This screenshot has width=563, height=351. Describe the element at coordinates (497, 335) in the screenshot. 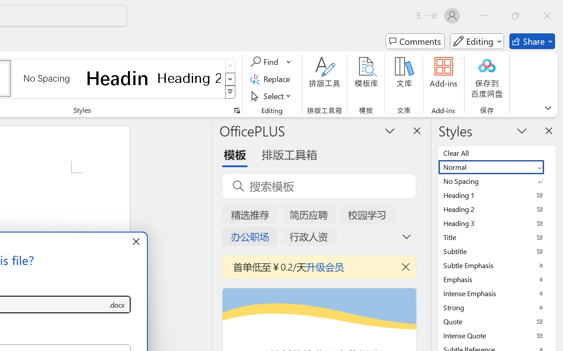

I see `'Intense Quote'` at that location.